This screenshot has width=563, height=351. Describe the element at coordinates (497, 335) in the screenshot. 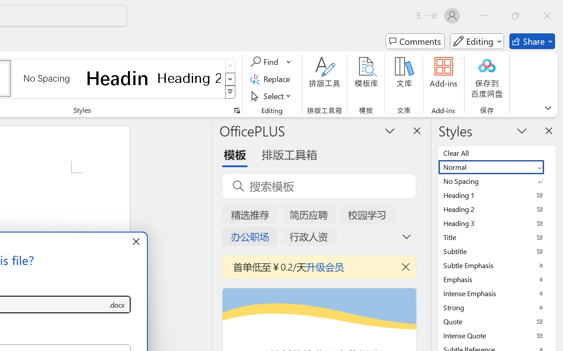

I see `'Intense Quote'` at that location.